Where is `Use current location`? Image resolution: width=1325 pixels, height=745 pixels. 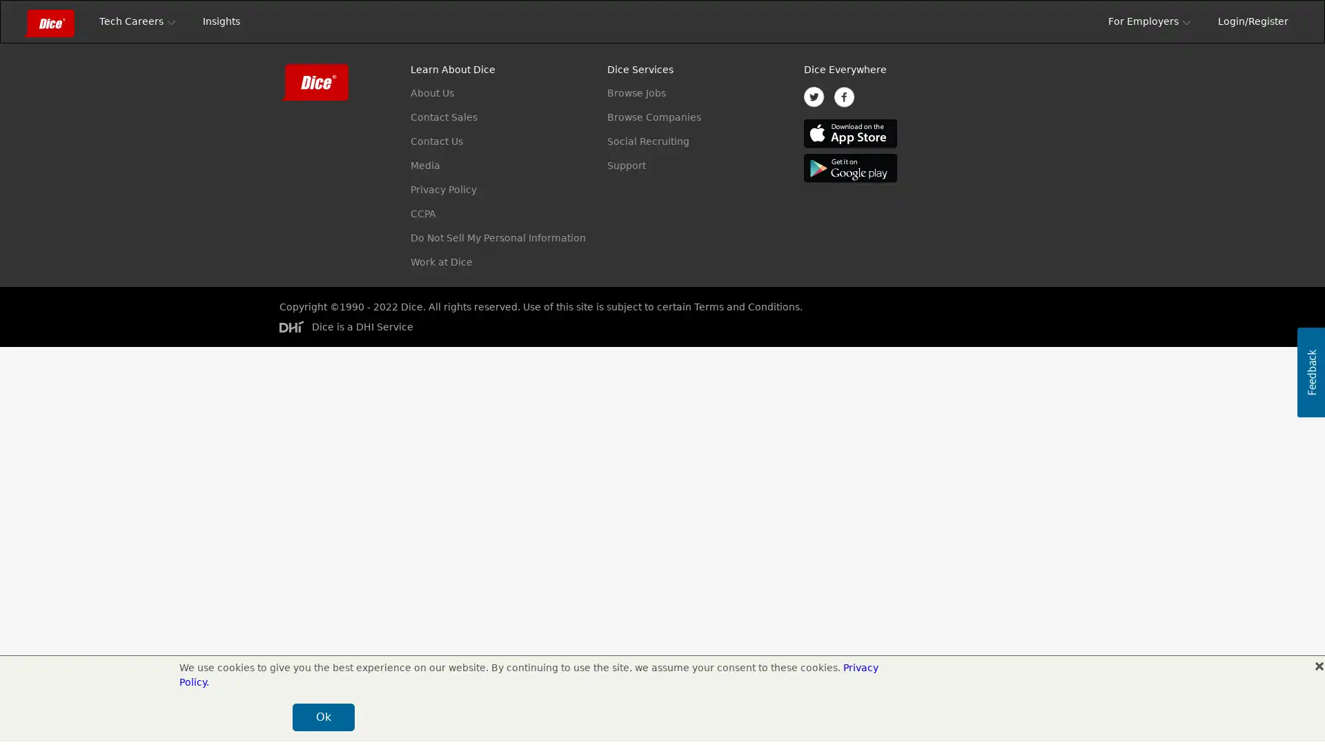 Use current location is located at coordinates (626, 72).